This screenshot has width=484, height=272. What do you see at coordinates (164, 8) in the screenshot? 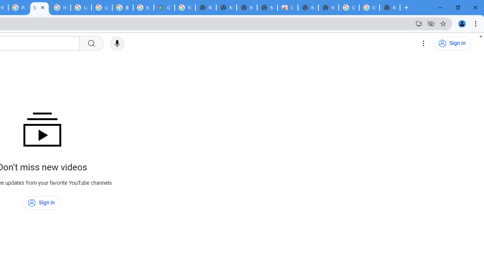
I see `'Google Maps'` at bounding box center [164, 8].